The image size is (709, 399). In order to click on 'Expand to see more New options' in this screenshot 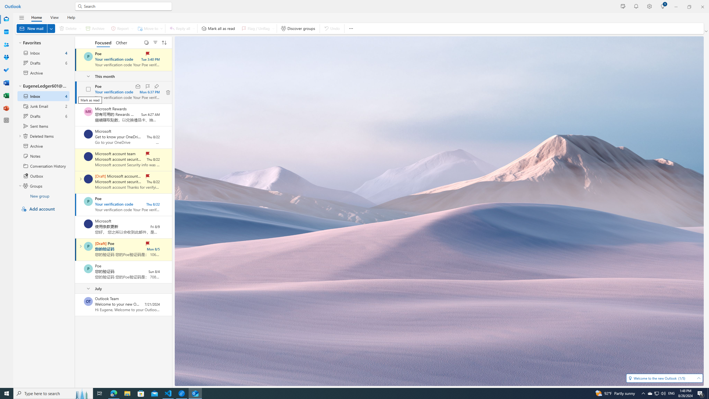, I will do `click(51, 28)`.